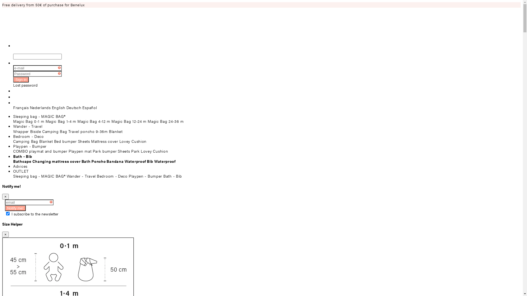 This screenshot has width=527, height=296. I want to click on 'Cushion', so click(131, 141).